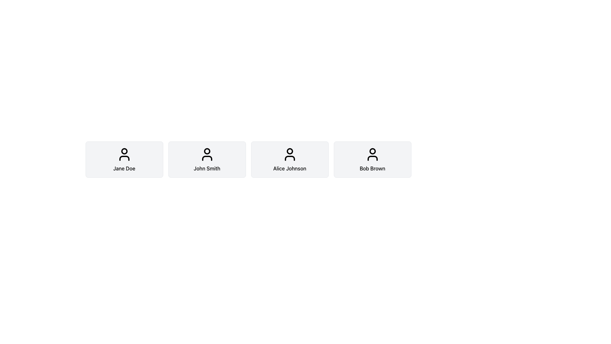 The height and width of the screenshot is (344, 611). I want to click on the user card element at the far-right side of the horizontal list, so click(372, 156).